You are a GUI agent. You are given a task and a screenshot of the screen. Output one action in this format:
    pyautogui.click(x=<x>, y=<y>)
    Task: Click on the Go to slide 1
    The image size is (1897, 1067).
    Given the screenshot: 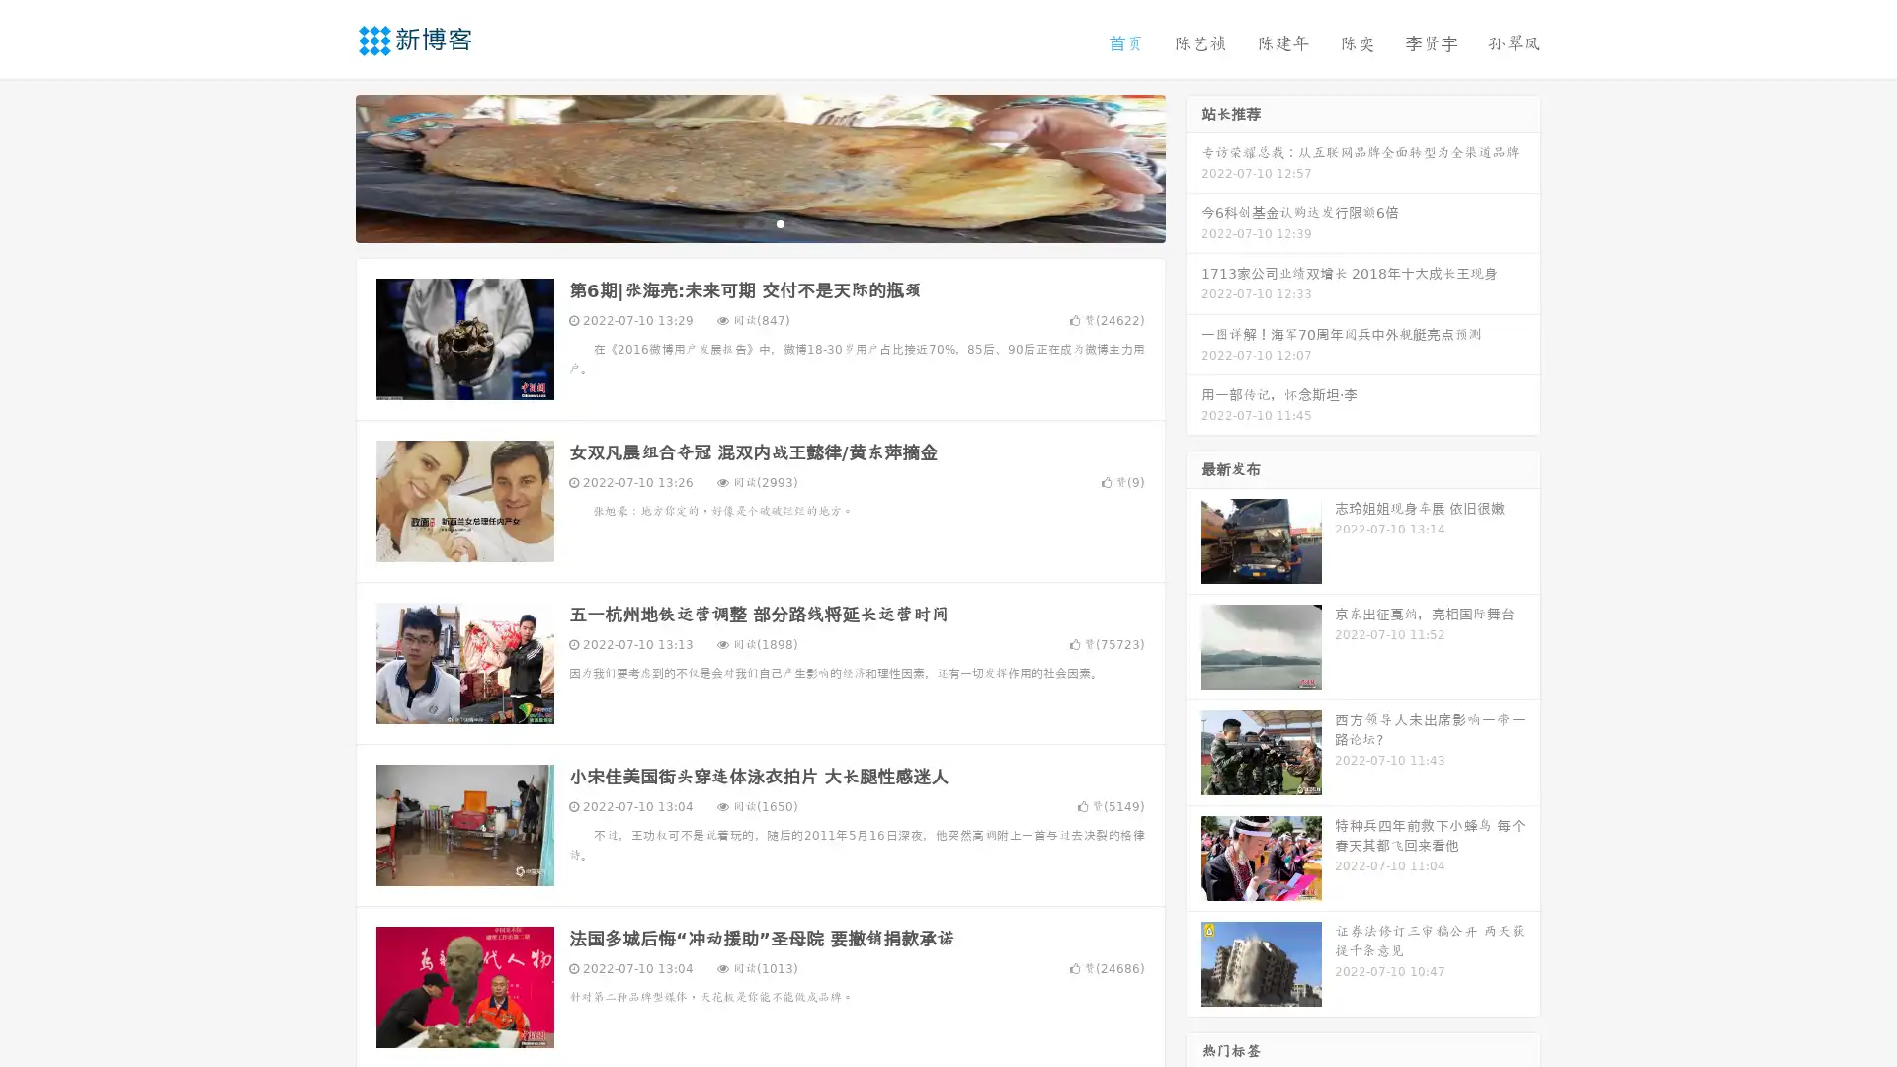 What is the action you would take?
    pyautogui.click(x=739, y=222)
    